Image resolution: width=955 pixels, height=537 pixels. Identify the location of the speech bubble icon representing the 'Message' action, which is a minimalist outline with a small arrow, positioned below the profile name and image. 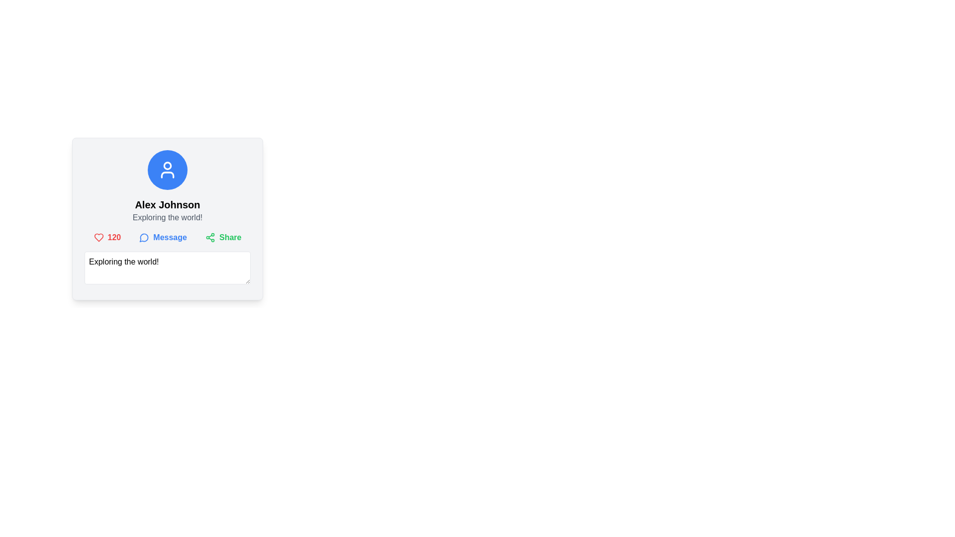
(143, 238).